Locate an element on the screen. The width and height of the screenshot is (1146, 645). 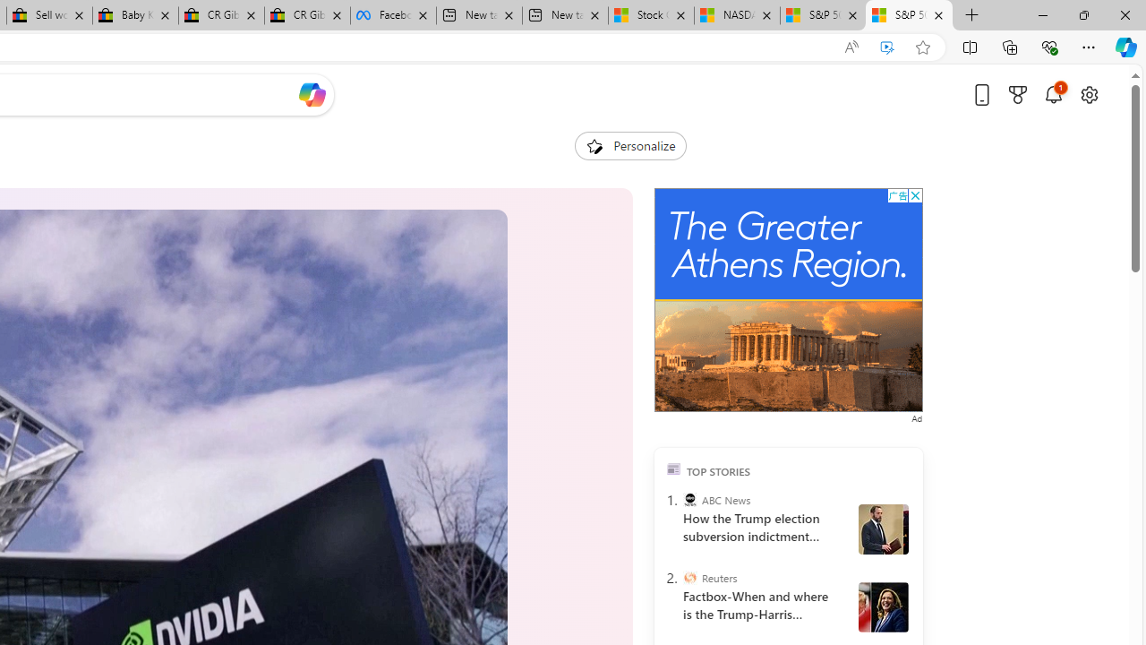
'Baby Keepsakes & Announcements for sale | eBay' is located at coordinates (134, 15).